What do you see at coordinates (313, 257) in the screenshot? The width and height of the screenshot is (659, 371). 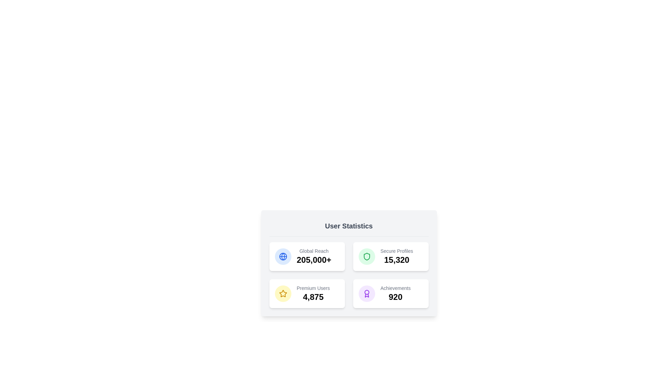 I see `statistical information displayed in the text element located in the top-left section of the grid under the 'User Statistics' header, which represents the global reach metric` at bounding box center [313, 257].